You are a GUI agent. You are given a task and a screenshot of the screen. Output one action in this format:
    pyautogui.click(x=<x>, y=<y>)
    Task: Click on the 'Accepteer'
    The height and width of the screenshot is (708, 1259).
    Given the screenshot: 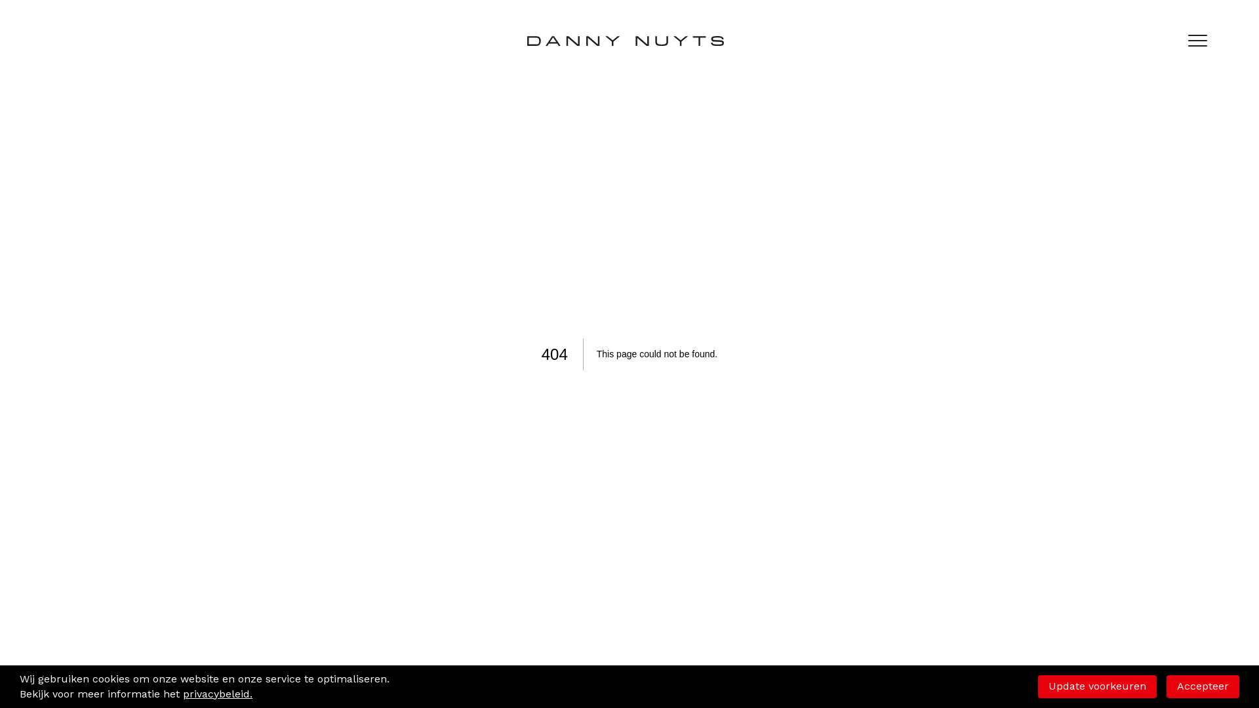 What is the action you would take?
    pyautogui.click(x=1167, y=685)
    